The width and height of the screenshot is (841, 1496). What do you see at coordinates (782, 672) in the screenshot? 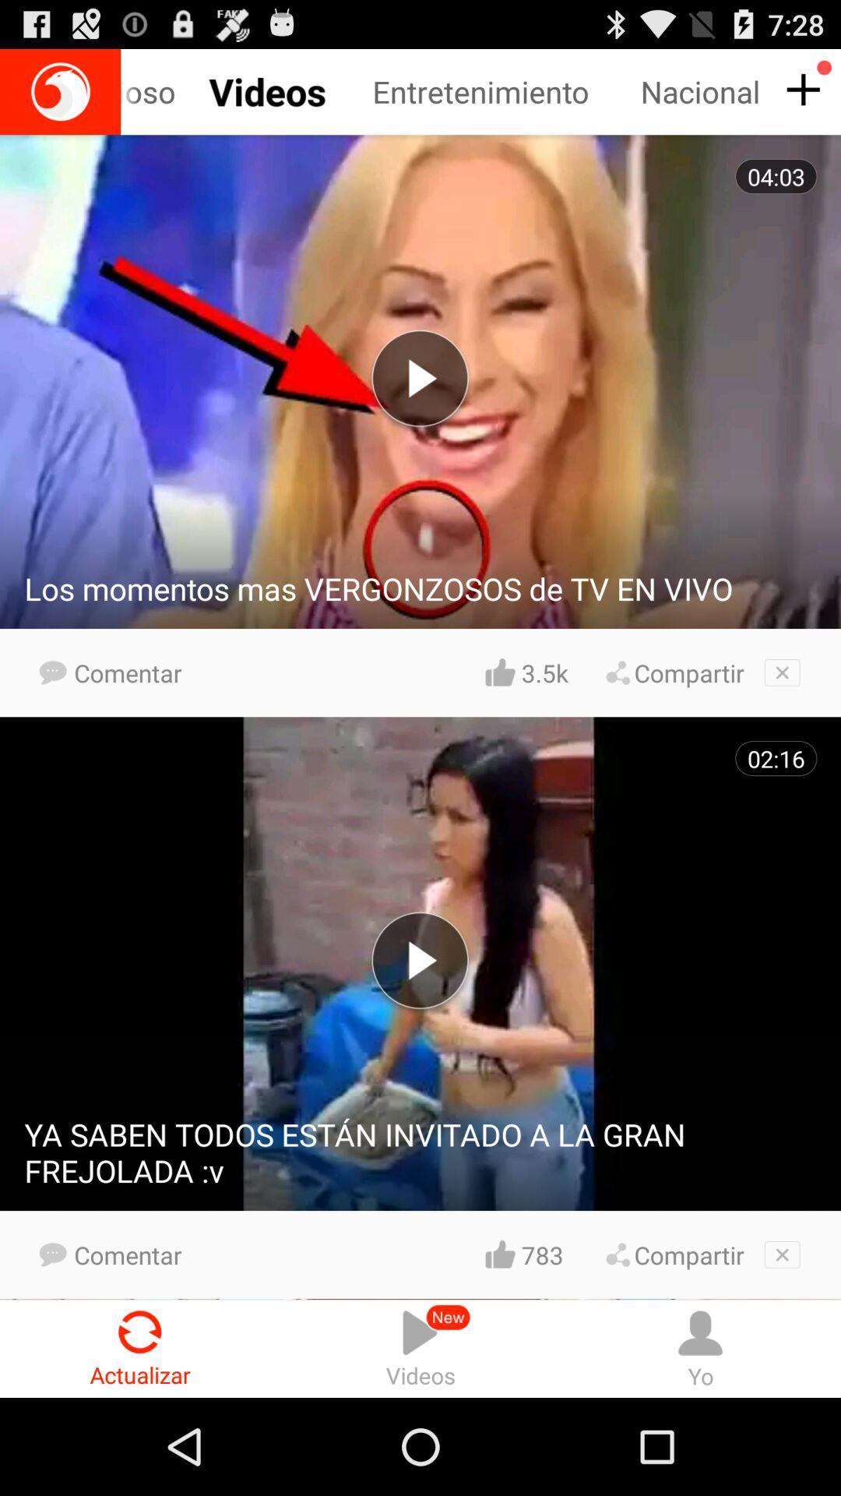
I see `this video` at bounding box center [782, 672].